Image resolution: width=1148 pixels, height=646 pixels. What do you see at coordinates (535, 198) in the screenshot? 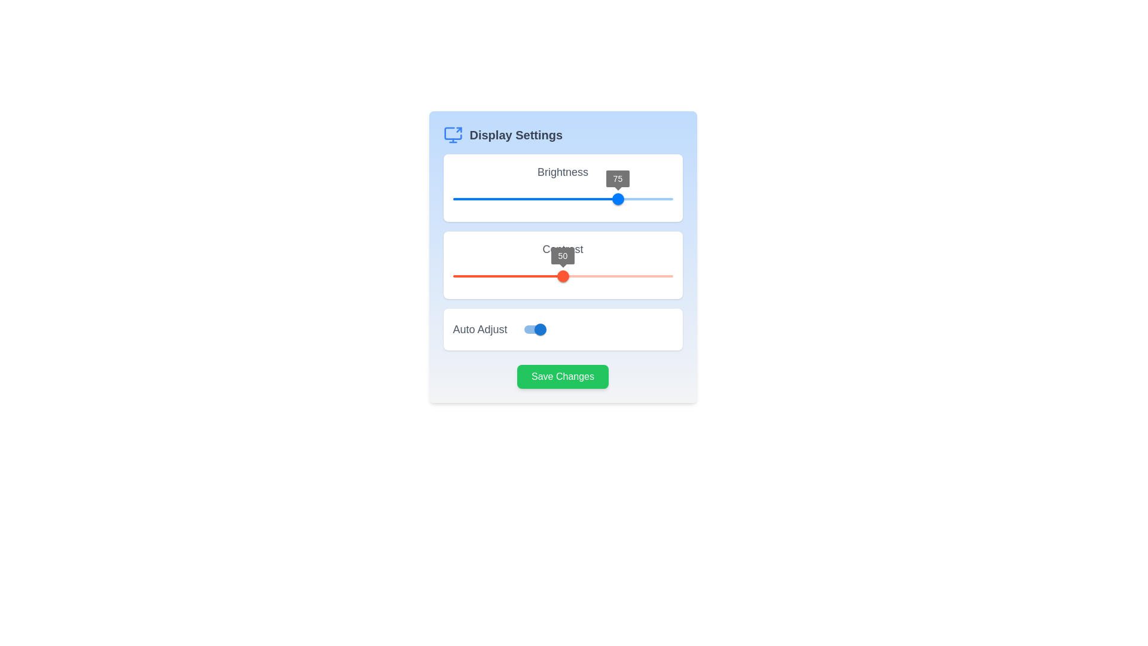
I see `the thumb of the Brightness slider, which is visually represented by a horizontal red-colored track bar, from its current position of 75` at bounding box center [535, 198].